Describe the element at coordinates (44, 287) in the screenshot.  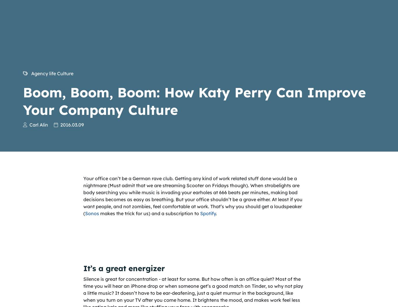
I see `'+46 (0)10 410 11 00'` at that location.